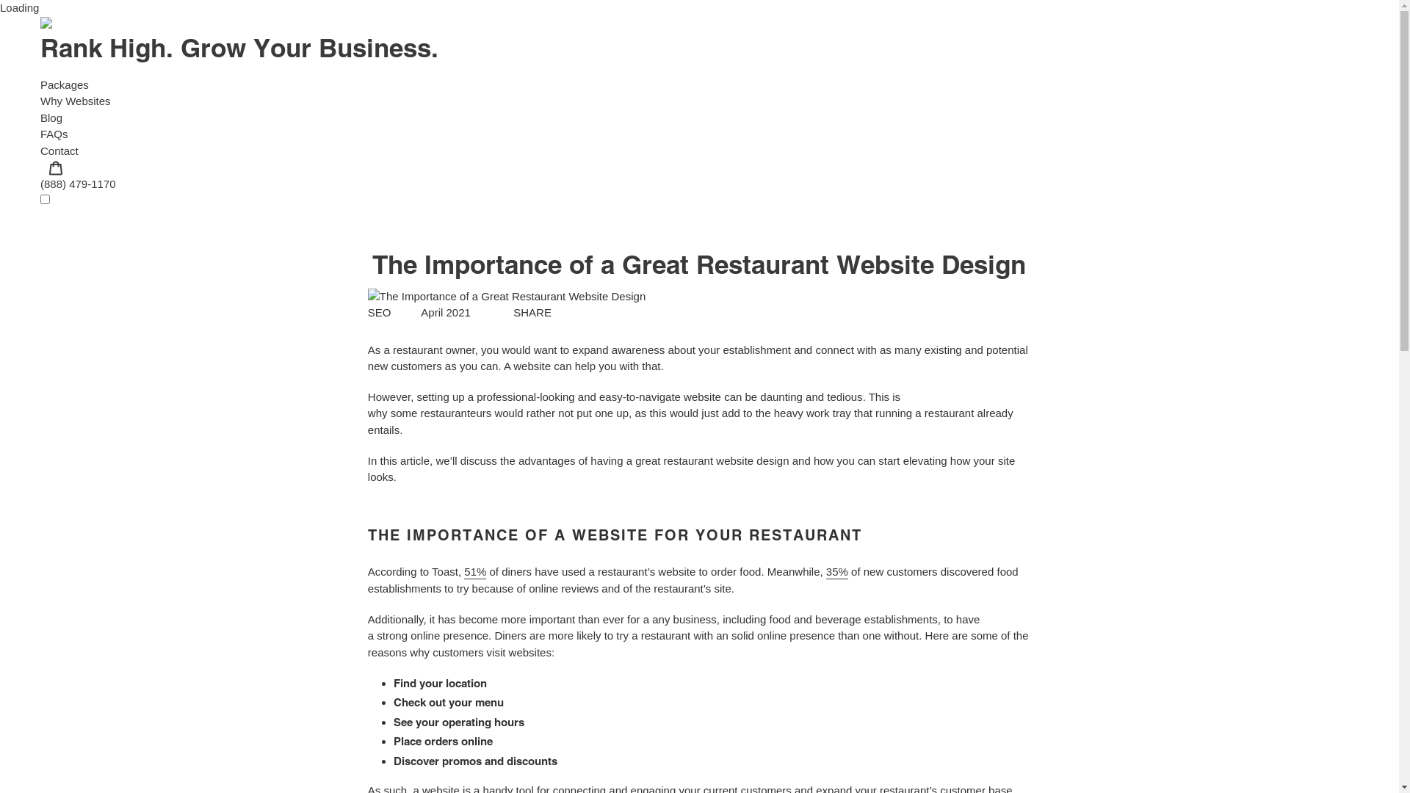 The height and width of the screenshot is (793, 1410). I want to click on '35%', so click(837, 571).